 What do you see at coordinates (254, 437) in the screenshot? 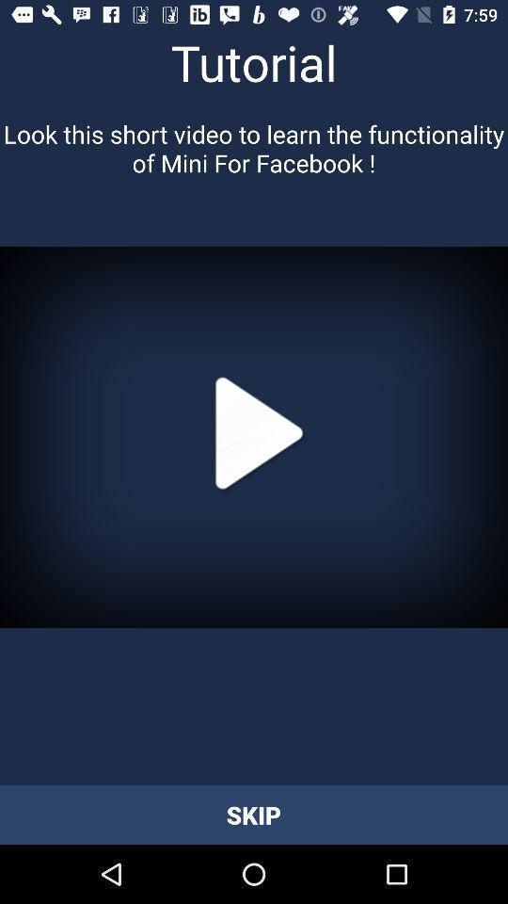
I see `autoplay icon option` at bounding box center [254, 437].